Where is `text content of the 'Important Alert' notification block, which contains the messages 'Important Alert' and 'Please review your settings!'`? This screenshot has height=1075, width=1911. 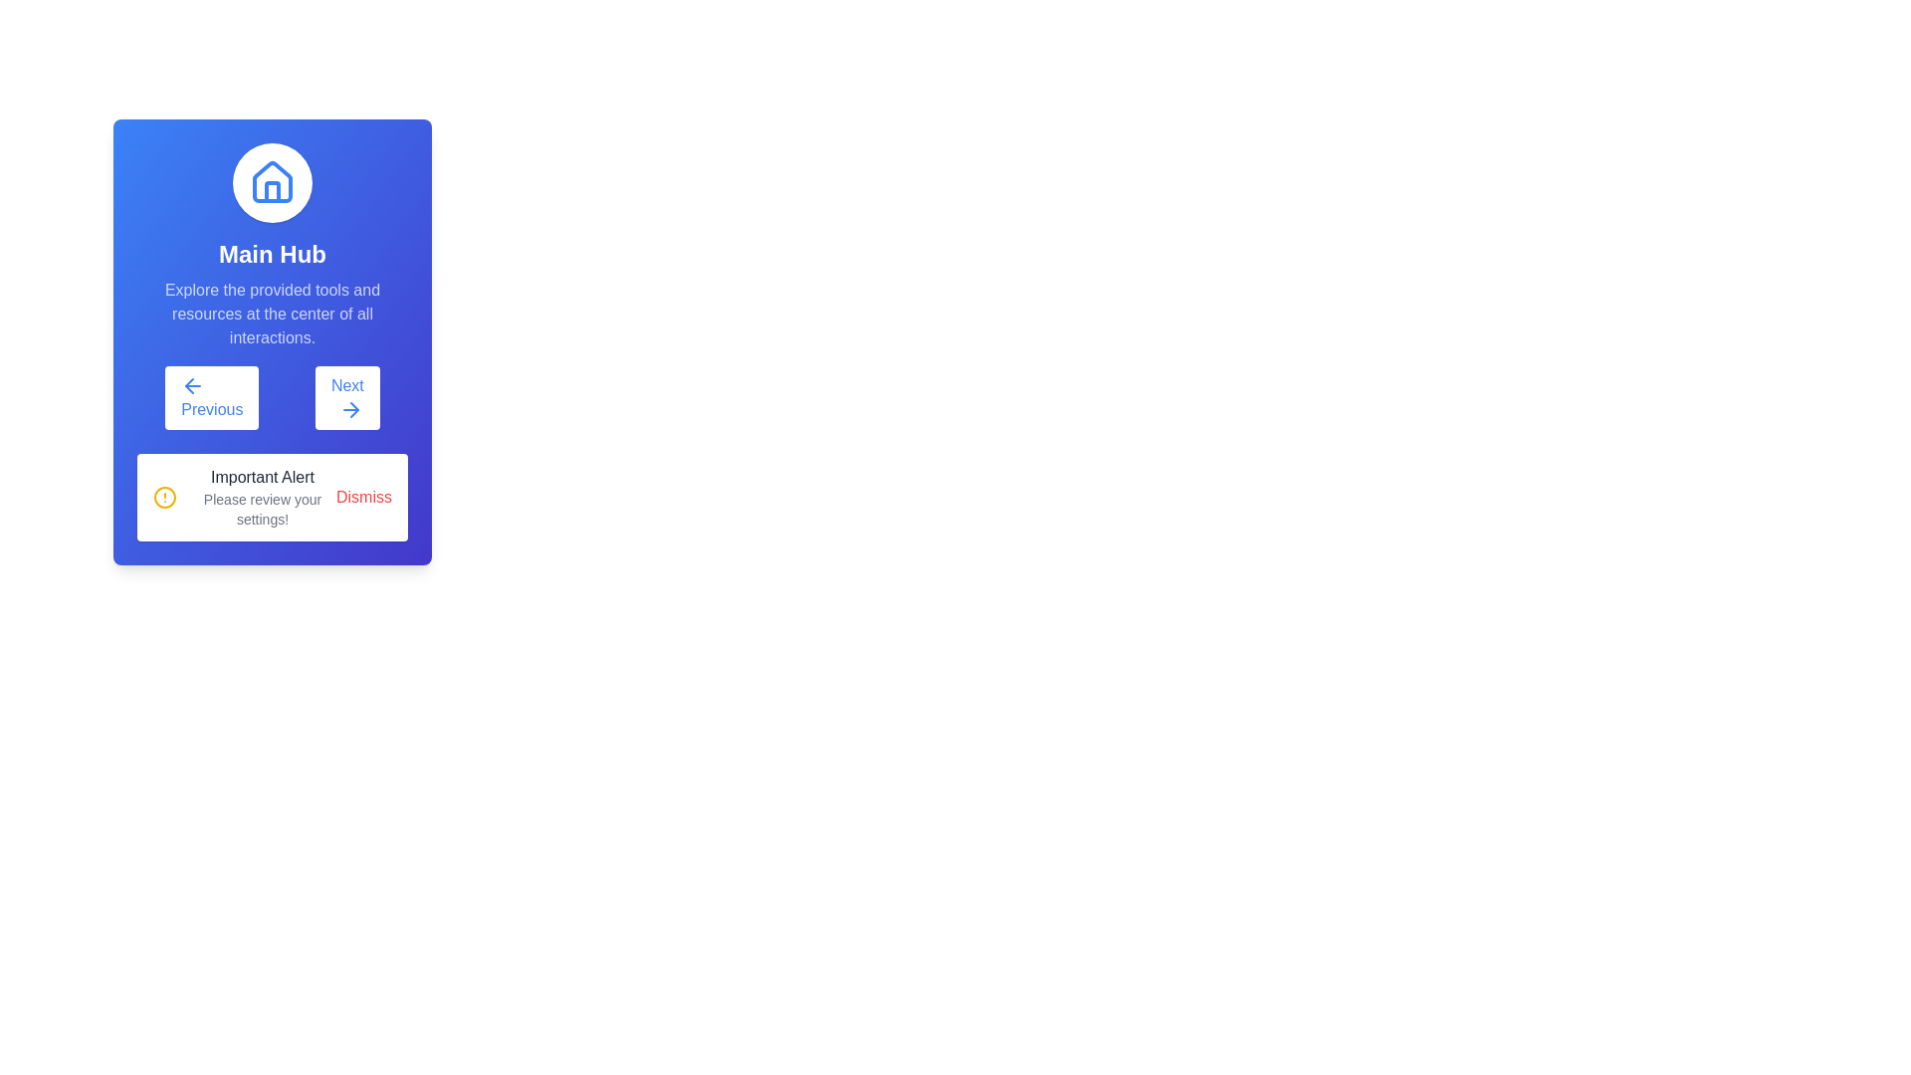 text content of the 'Important Alert' notification block, which contains the messages 'Important Alert' and 'Please review your settings!' is located at coordinates (262, 497).